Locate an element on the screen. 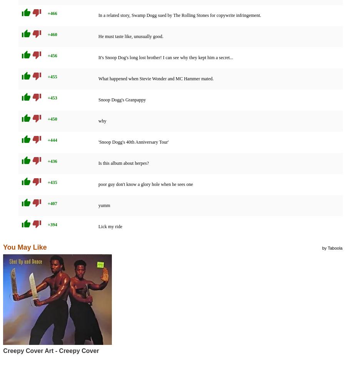 The width and height of the screenshot is (346, 386). 'What happened when Stevie Wonder and MC Hammer mated.' is located at coordinates (156, 78).